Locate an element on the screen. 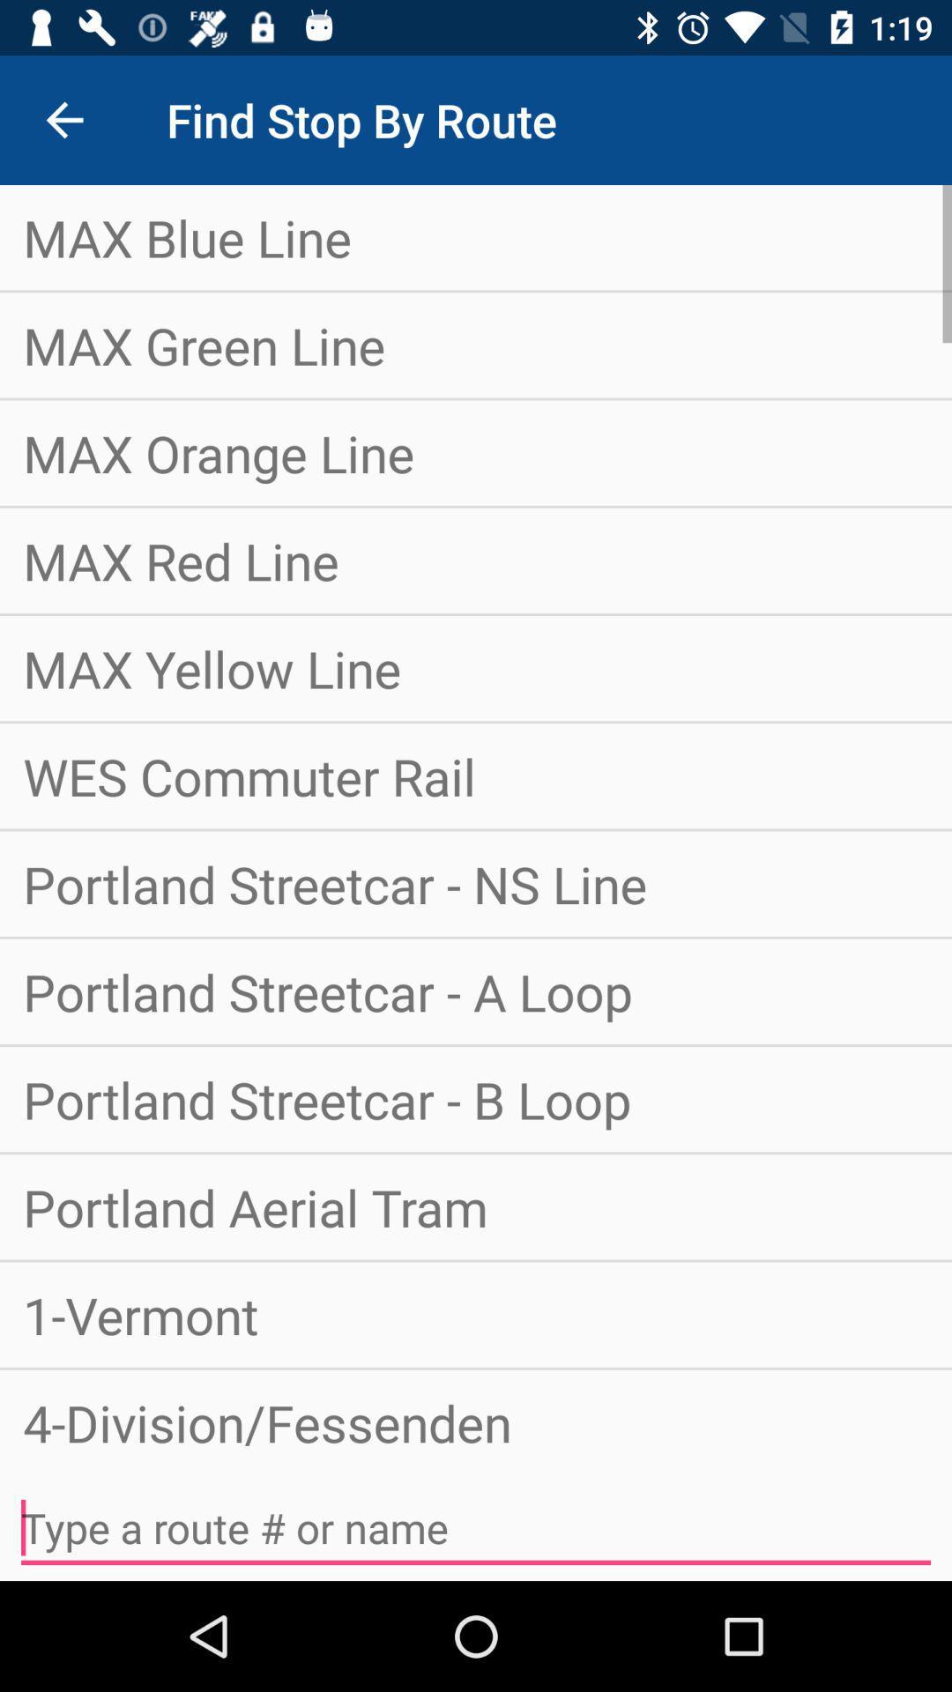 Image resolution: width=952 pixels, height=1692 pixels. item above the max blue line is located at coordinates (63, 119).